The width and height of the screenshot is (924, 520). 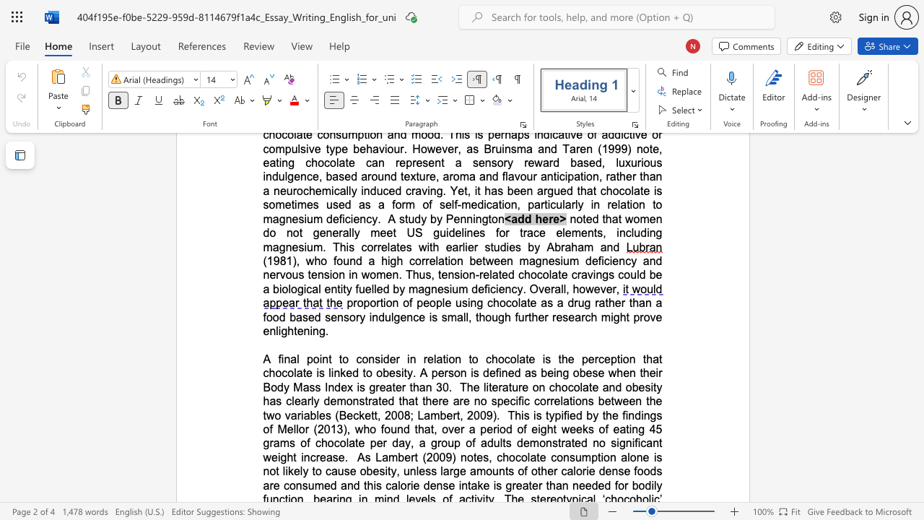 I want to click on the subset text "nal point" within the text "A final point", so click(x=284, y=358).